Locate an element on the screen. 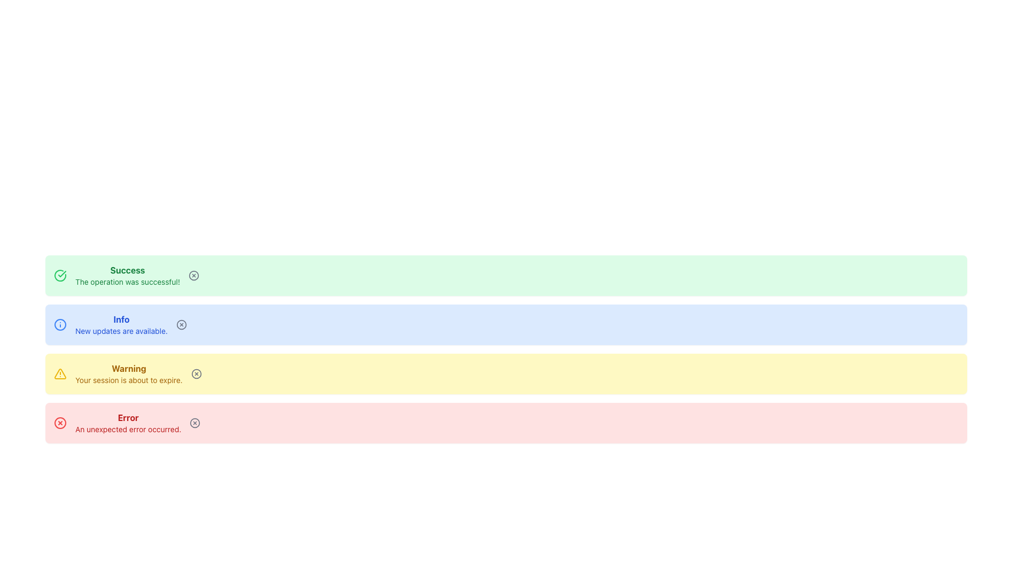 Image resolution: width=1026 pixels, height=577 pixels. the dismiss button located at the right end of the yellow warning notification next to the text 'Your session is about to expire.' is located at coordinates (196, 373).